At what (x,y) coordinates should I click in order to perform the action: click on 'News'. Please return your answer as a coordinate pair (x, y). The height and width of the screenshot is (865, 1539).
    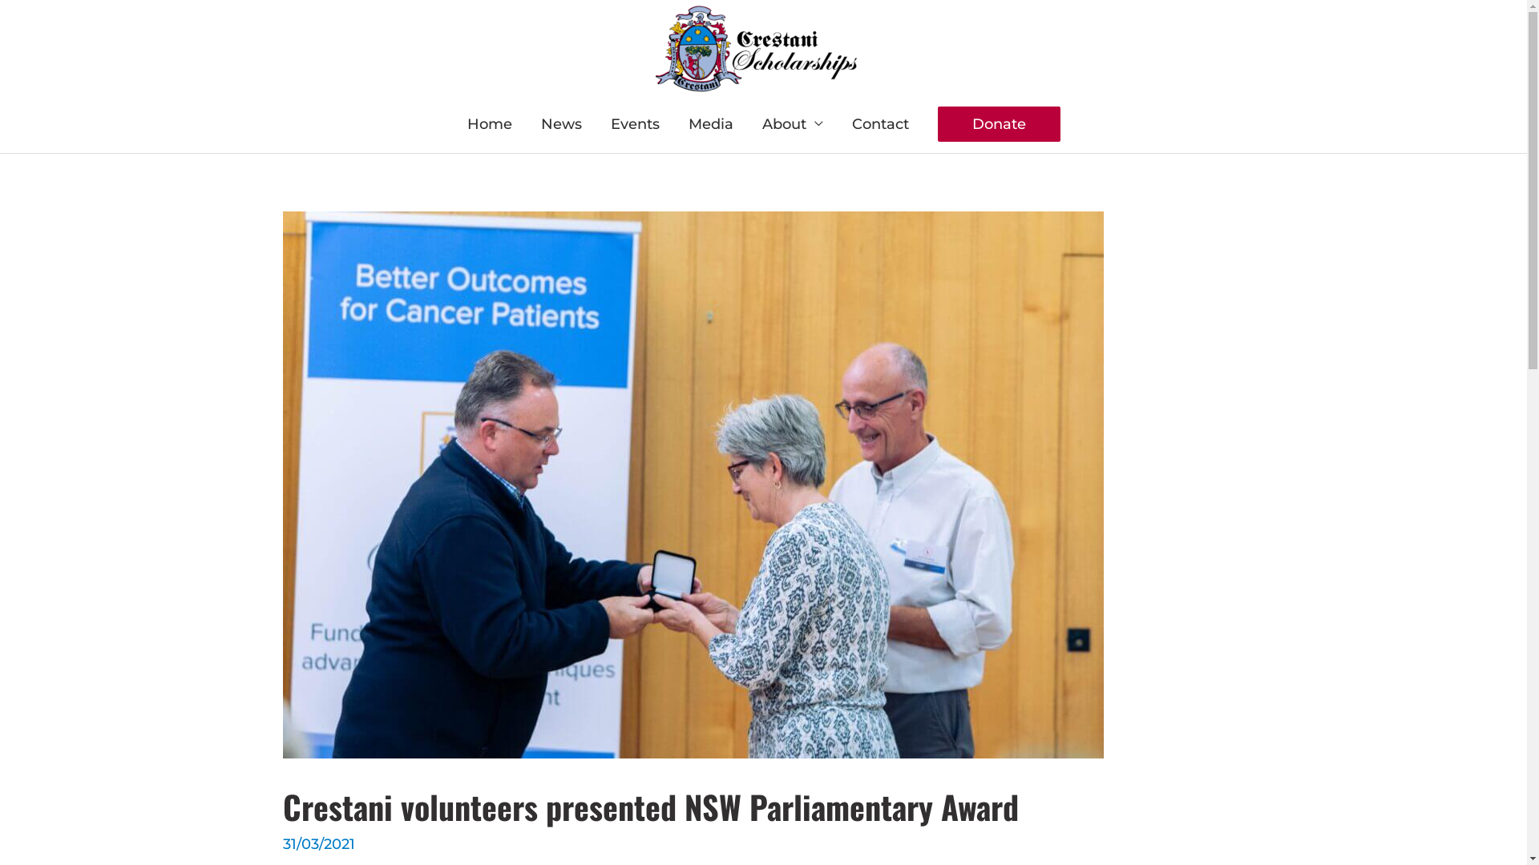
    Looking at the image, I should click on (560, 123).